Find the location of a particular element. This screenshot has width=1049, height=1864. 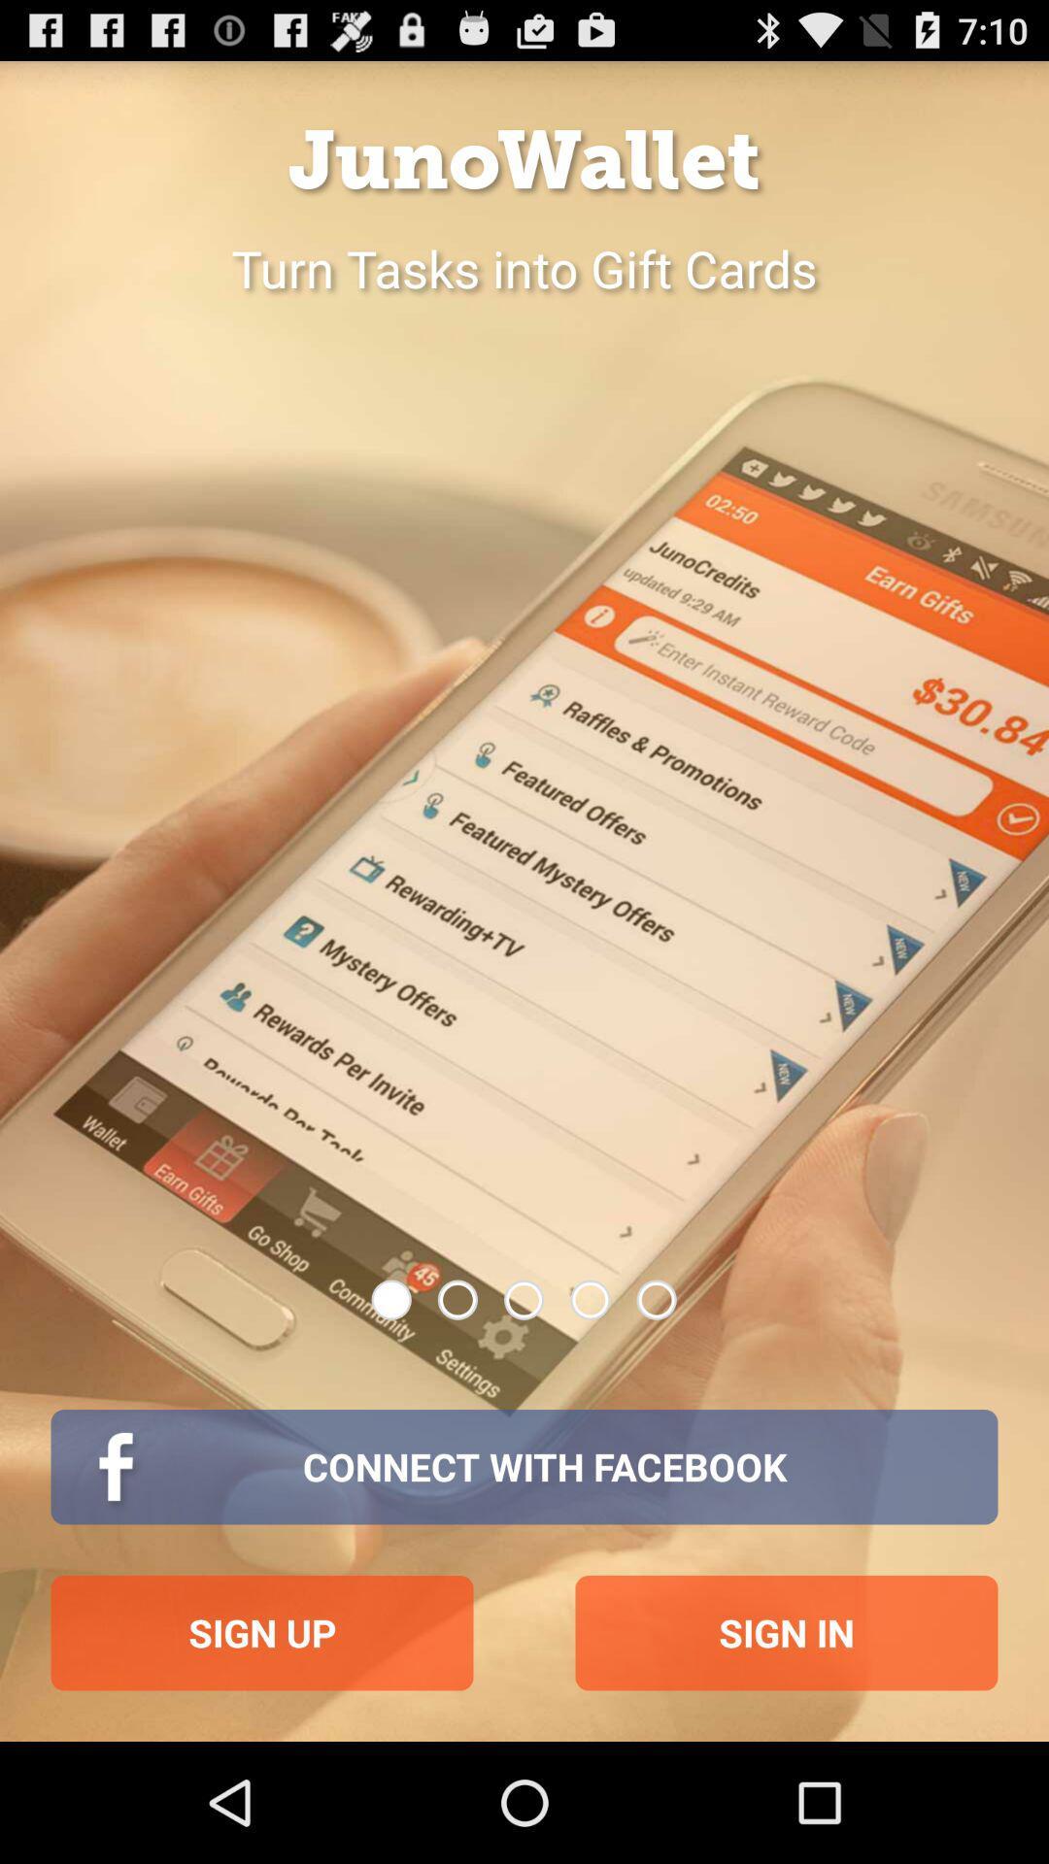

sign up is located at coordinates (262, 1632).